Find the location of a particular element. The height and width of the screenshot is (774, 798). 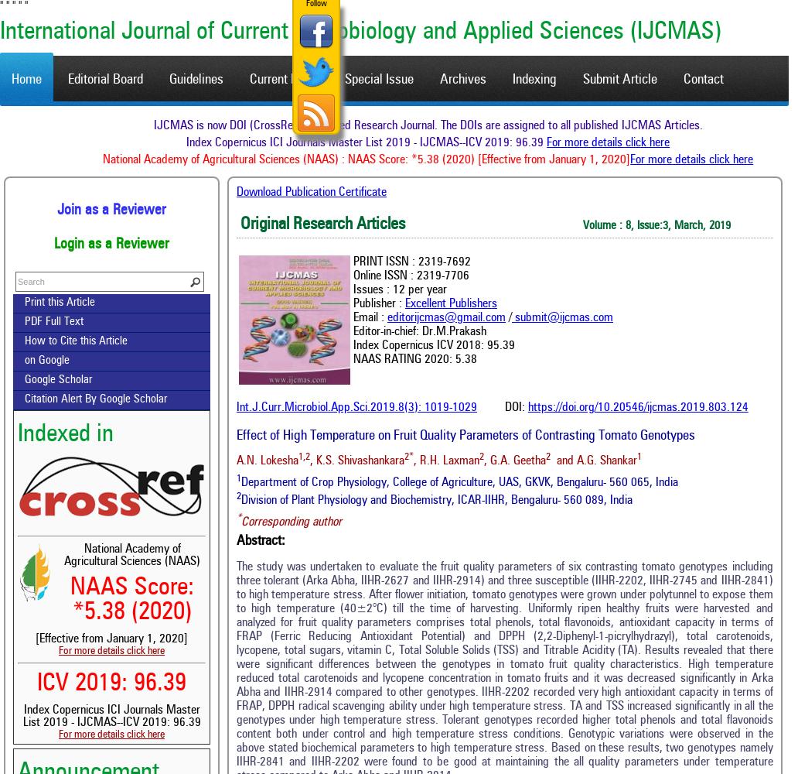

'Volume : 8, Issue:3, March, 2019' is located at coordinates (656, 226).